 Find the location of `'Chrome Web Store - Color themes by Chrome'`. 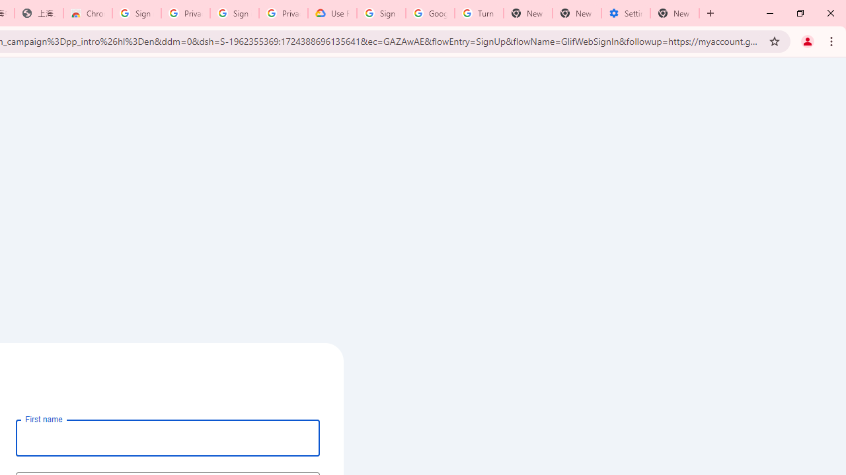

'Chrome Web Store - Color themes by Chrome' is located at coordinates (87, 13).